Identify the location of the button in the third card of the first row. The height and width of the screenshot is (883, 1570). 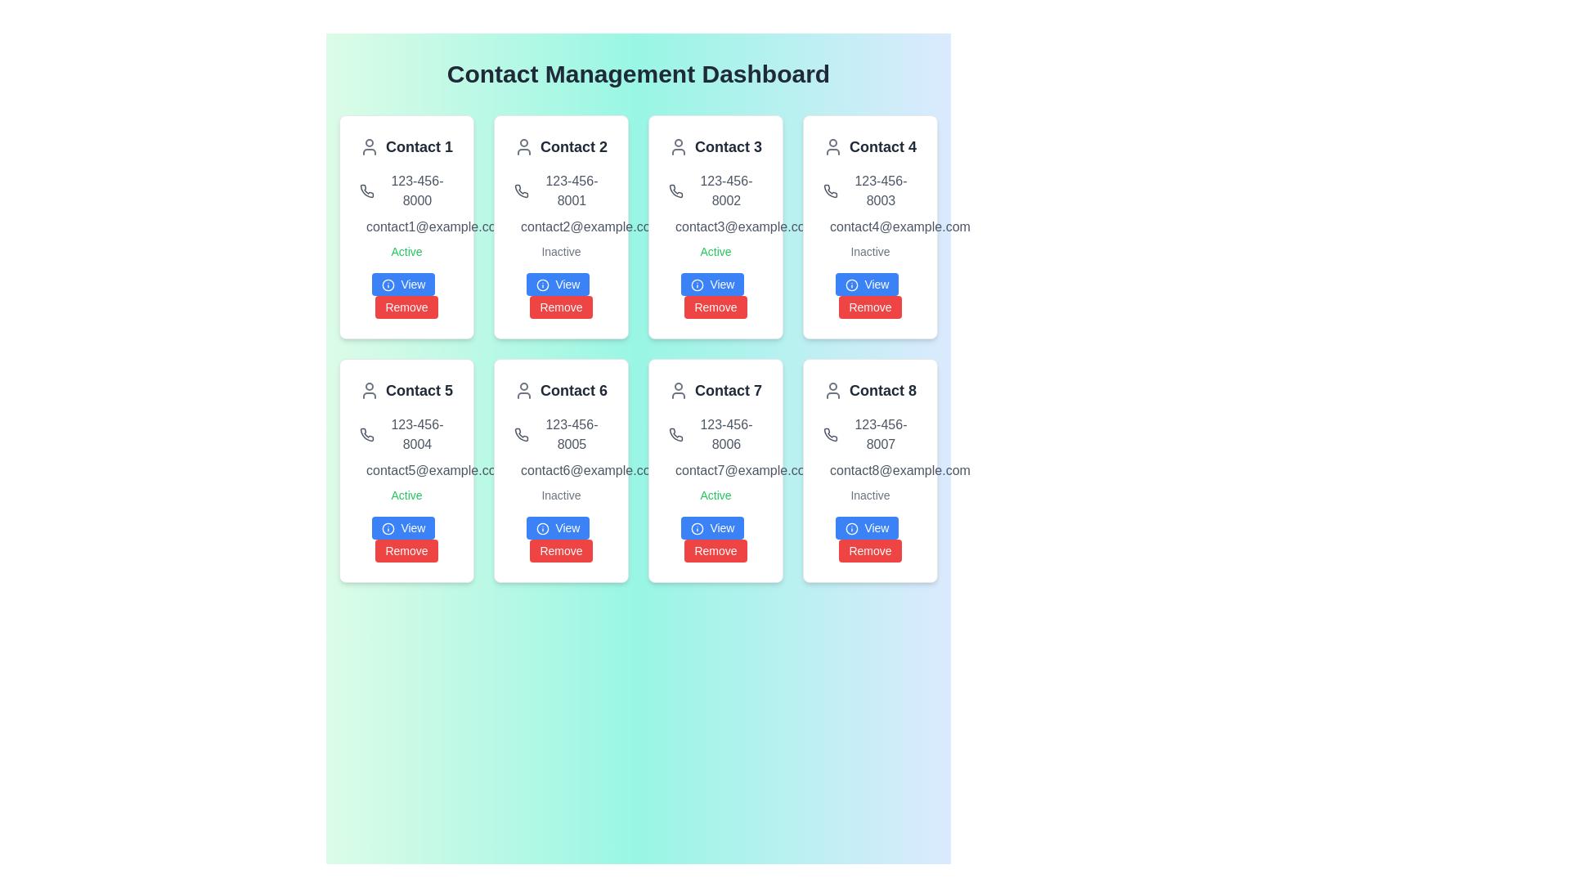
(712, 283).